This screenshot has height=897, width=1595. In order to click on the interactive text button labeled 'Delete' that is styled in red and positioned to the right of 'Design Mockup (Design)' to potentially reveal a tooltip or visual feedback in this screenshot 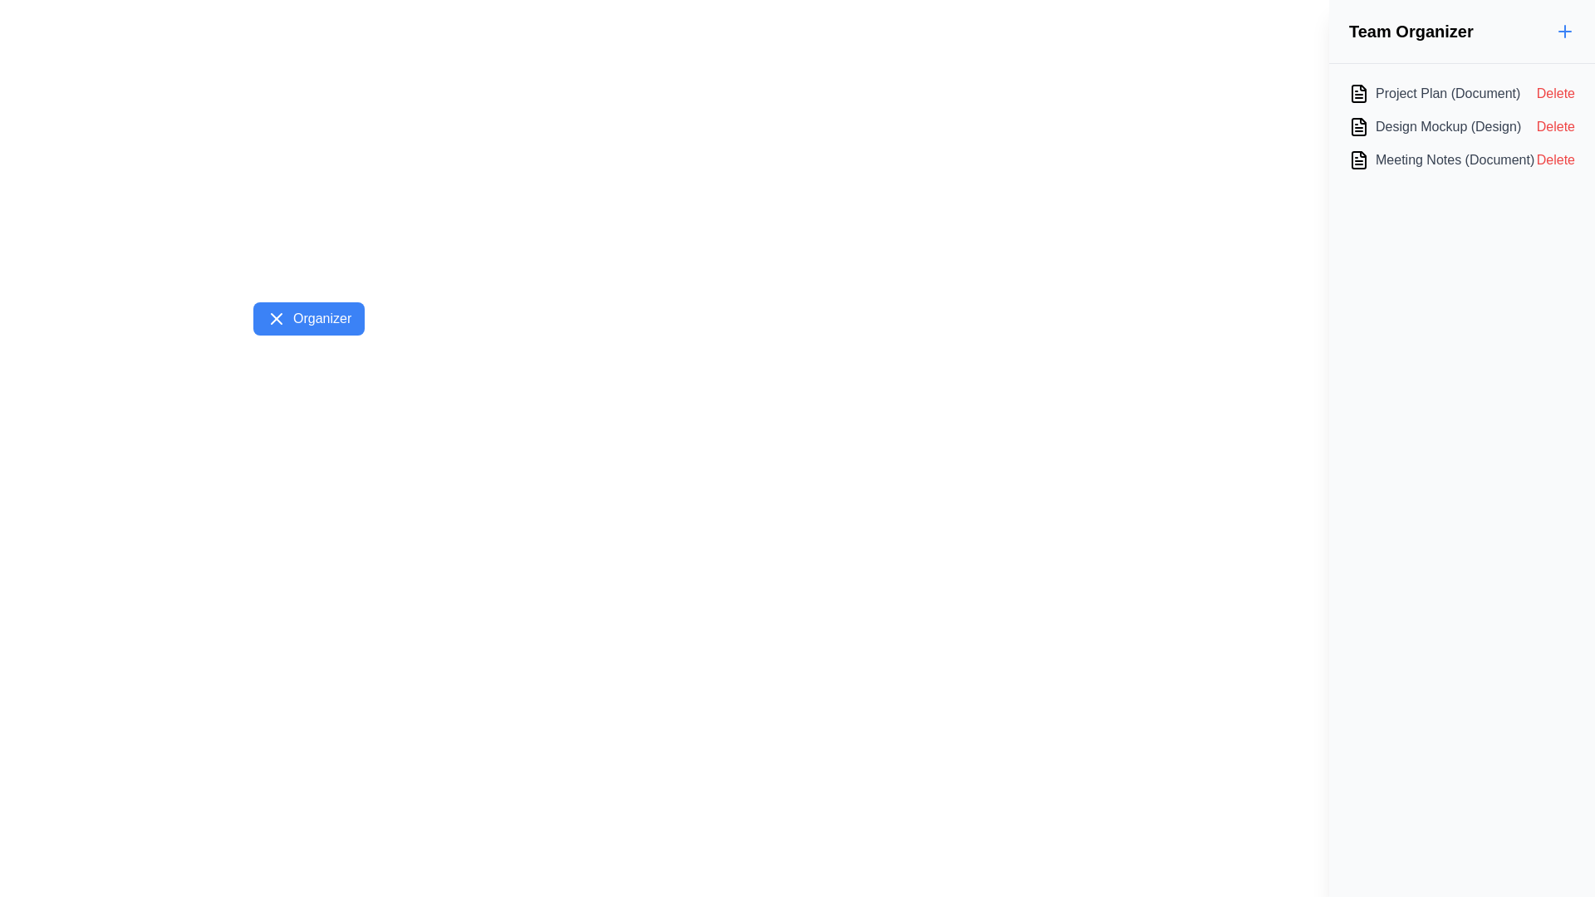, I will do `click(1554, 126)`.